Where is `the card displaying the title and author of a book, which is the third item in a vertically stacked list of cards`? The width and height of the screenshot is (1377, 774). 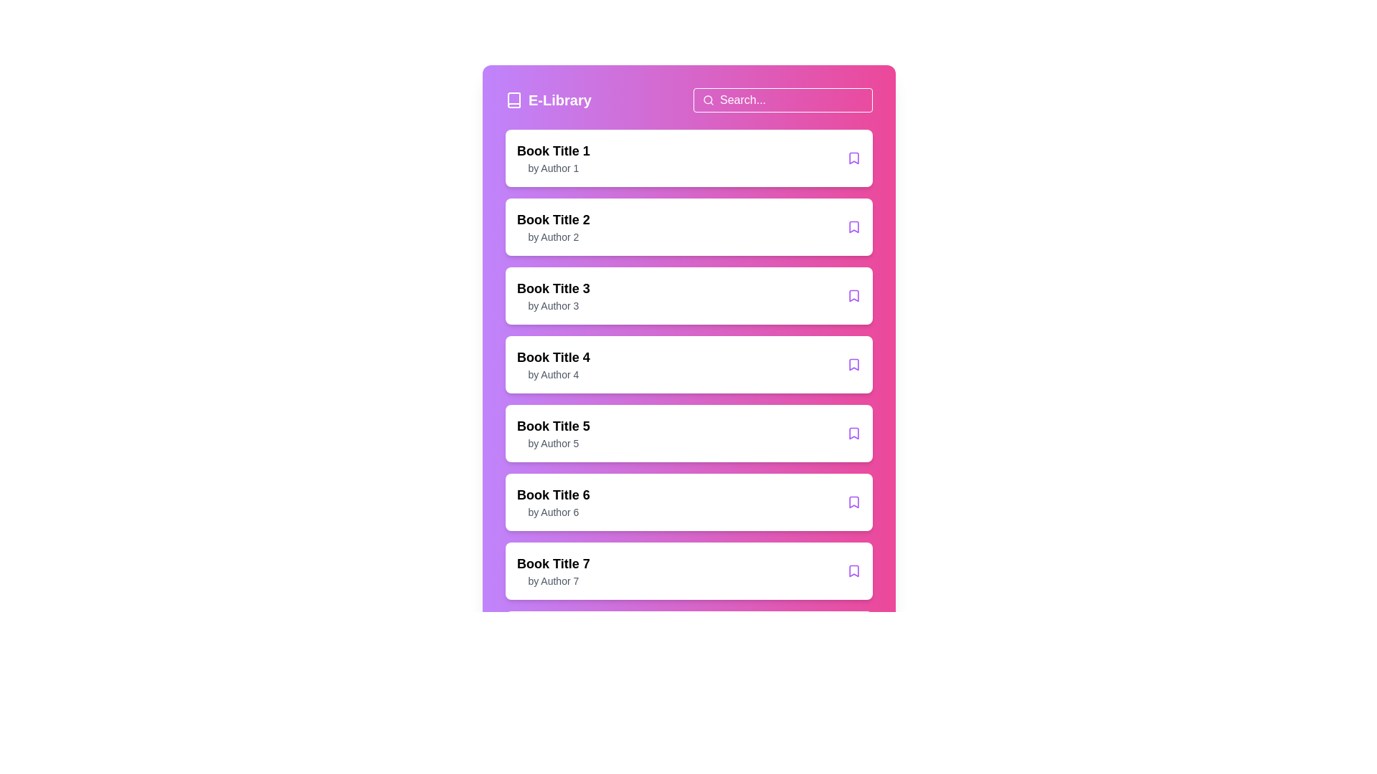 the card displaying the title and author of a book, which is the third item in a vertically stacked list of cards is located at coordinates (688, 295).